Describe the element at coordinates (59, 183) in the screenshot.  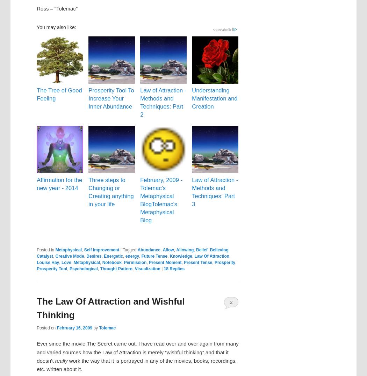
I see `'Affirmation for the new year - 2014'` at that location.